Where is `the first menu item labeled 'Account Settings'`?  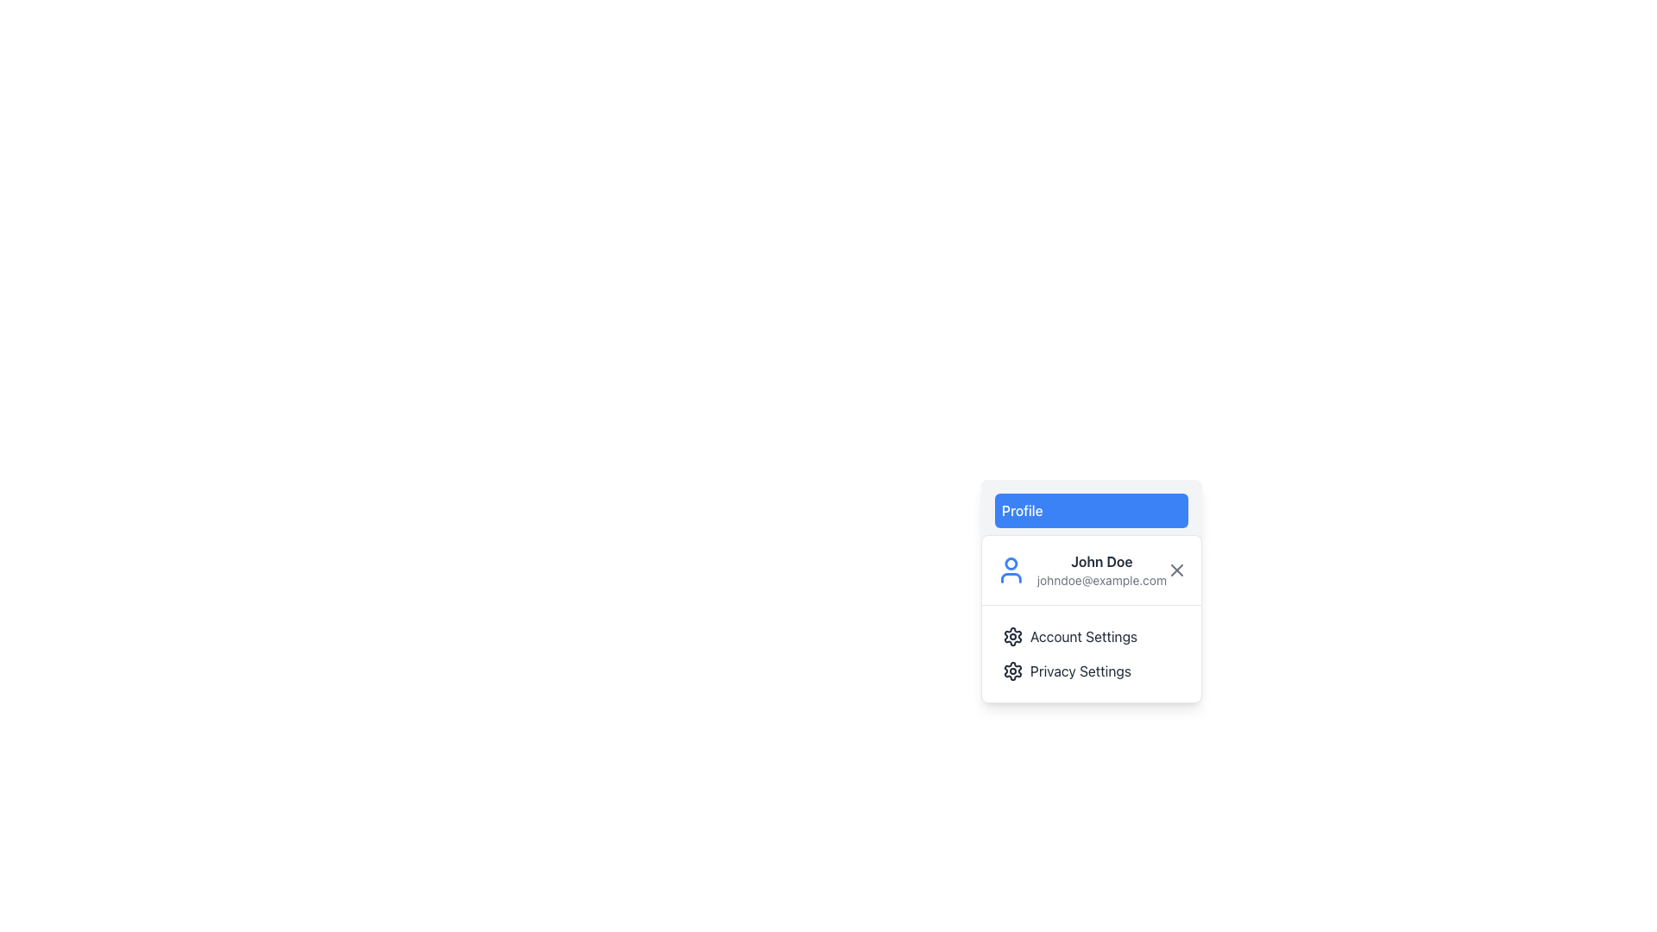 the first menu item labeled 'Account Settings' is located at coordinates (1091, 636).